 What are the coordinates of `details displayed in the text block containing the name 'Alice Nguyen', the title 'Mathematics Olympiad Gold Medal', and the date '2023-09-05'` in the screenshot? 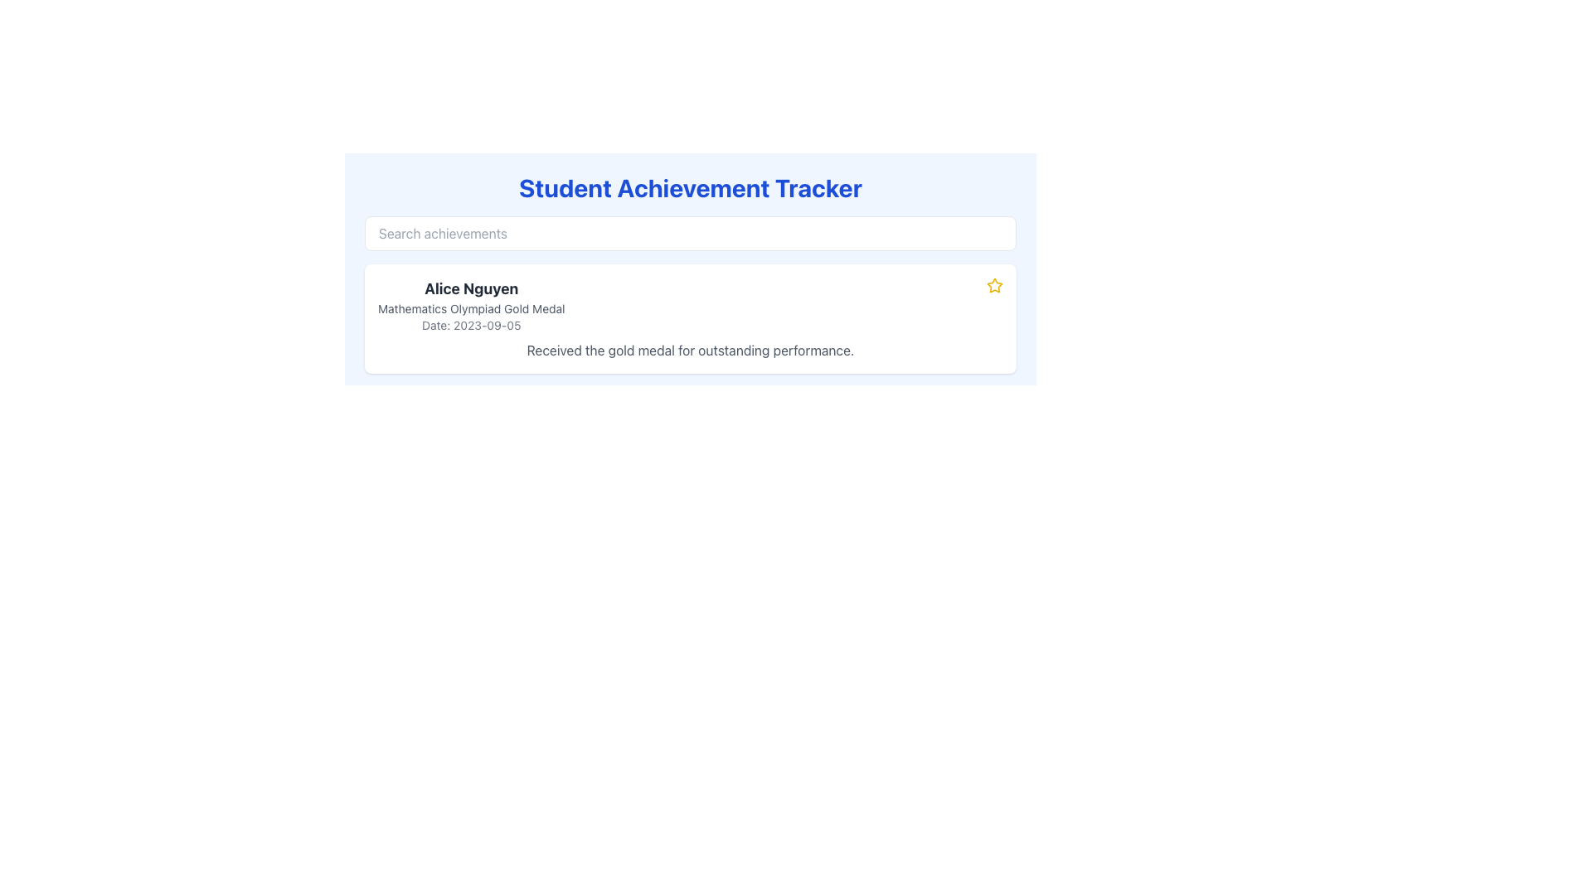 It's located at (470, 306).